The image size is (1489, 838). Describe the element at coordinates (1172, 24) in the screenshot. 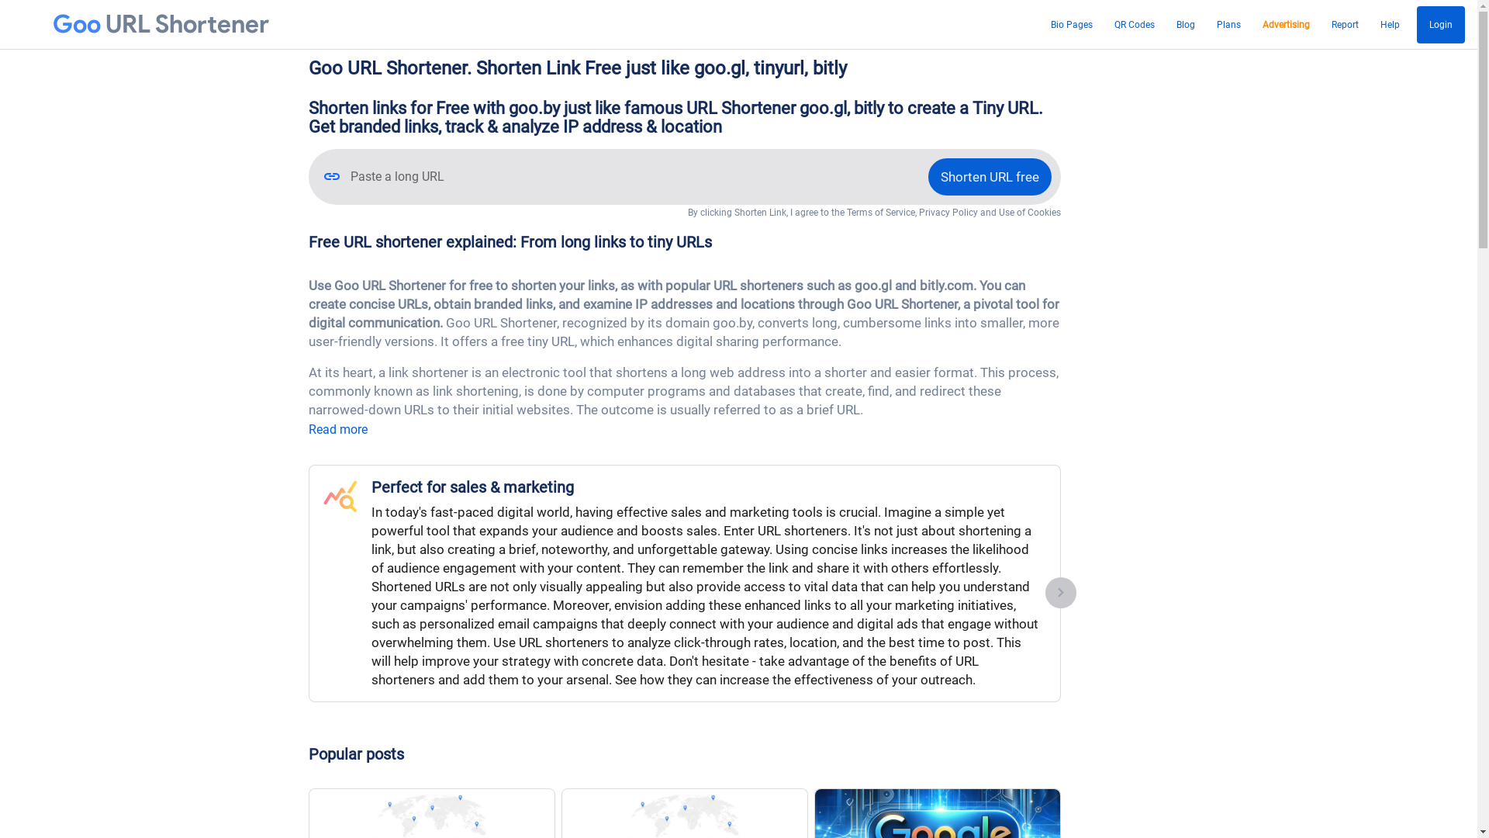

I see `'Blog'` at that location.